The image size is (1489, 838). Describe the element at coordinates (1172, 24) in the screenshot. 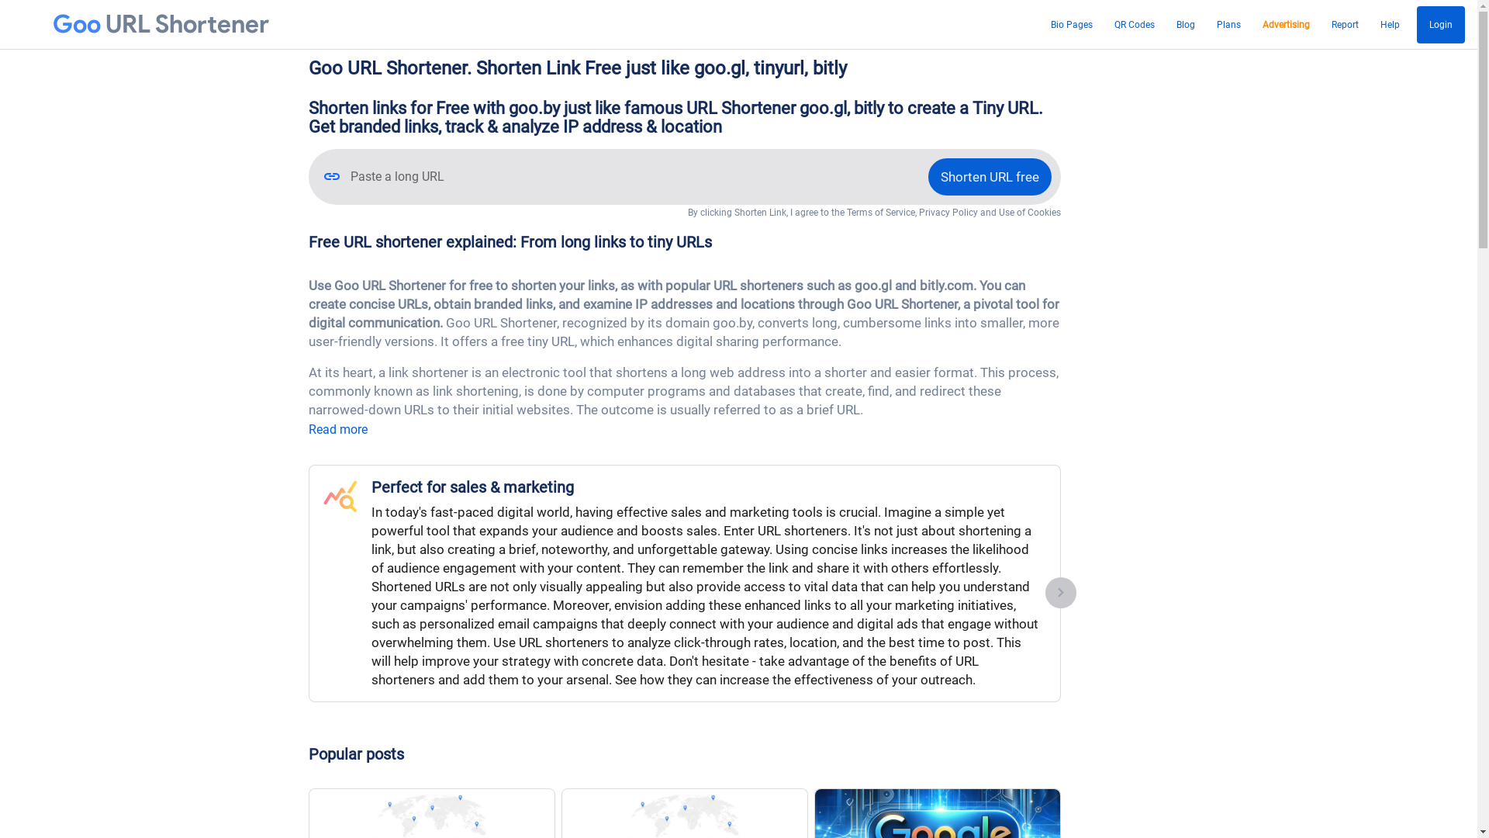

I see `'Blog'` at that location.